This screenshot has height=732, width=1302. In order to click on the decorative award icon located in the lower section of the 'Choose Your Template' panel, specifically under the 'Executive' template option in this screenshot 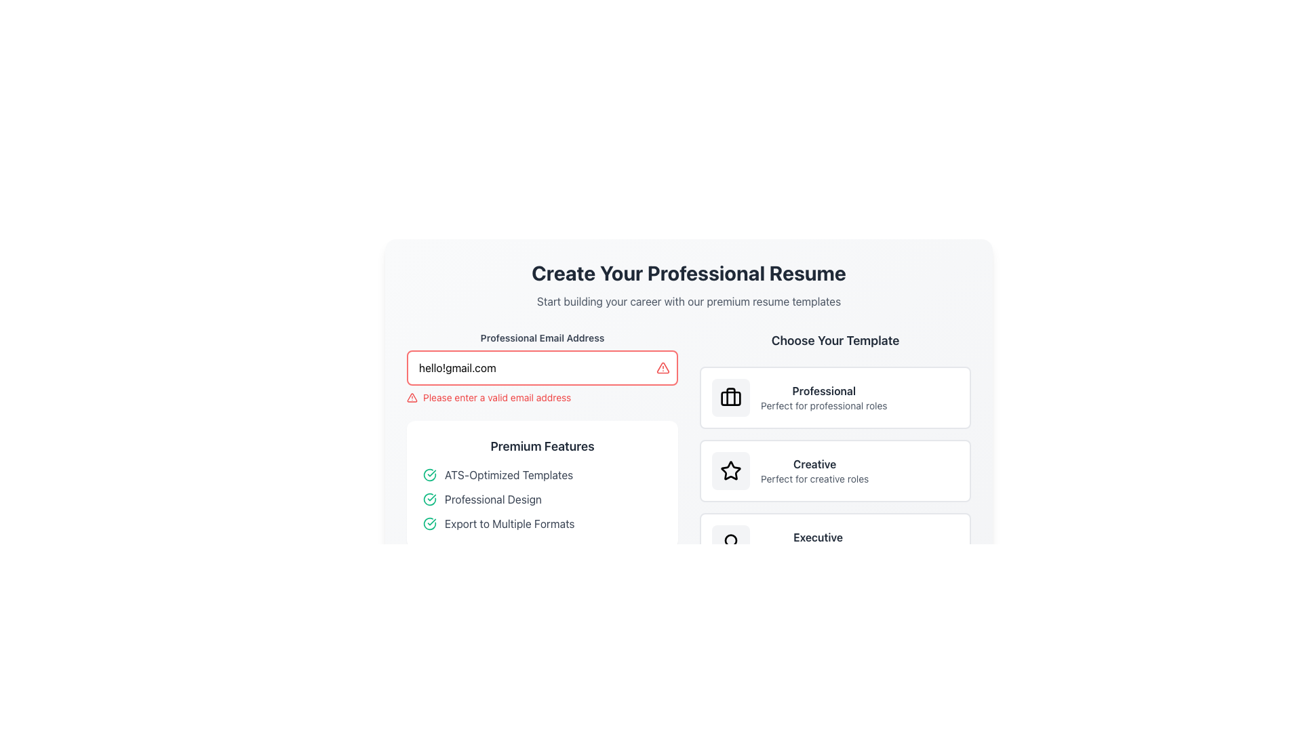, I will do `click(730, 543)`.